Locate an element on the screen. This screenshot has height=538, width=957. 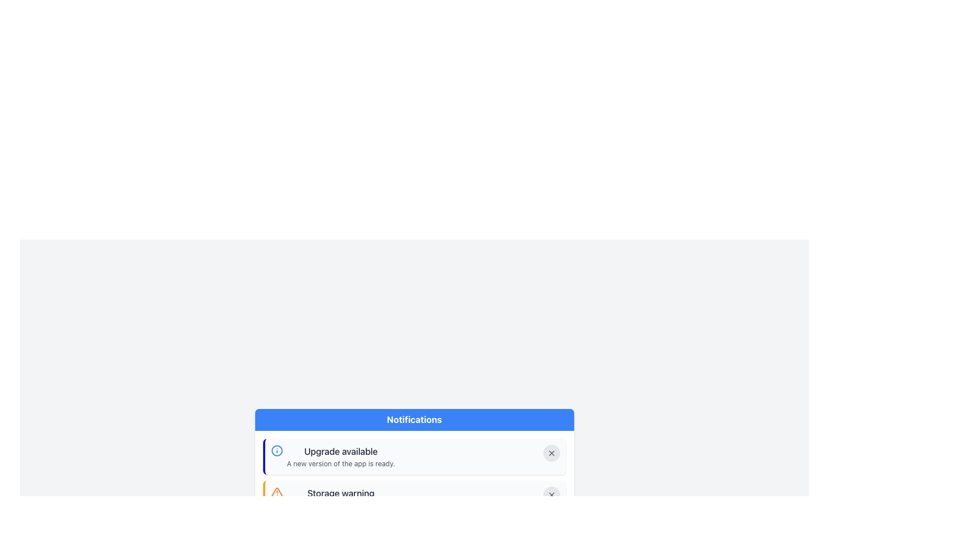
the informational text element that provides details about the 'Upgrade available' notification, located directly beneath the header is located at coordinates (341, 463).